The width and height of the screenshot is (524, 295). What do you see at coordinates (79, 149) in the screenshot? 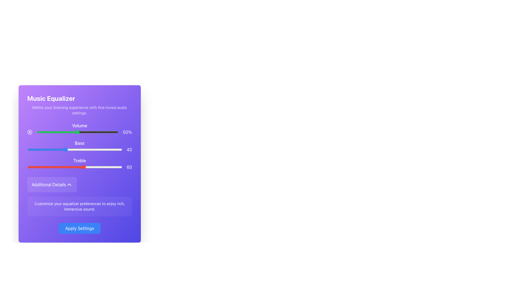
I see `the bass level` at bounding box center [79, 149].